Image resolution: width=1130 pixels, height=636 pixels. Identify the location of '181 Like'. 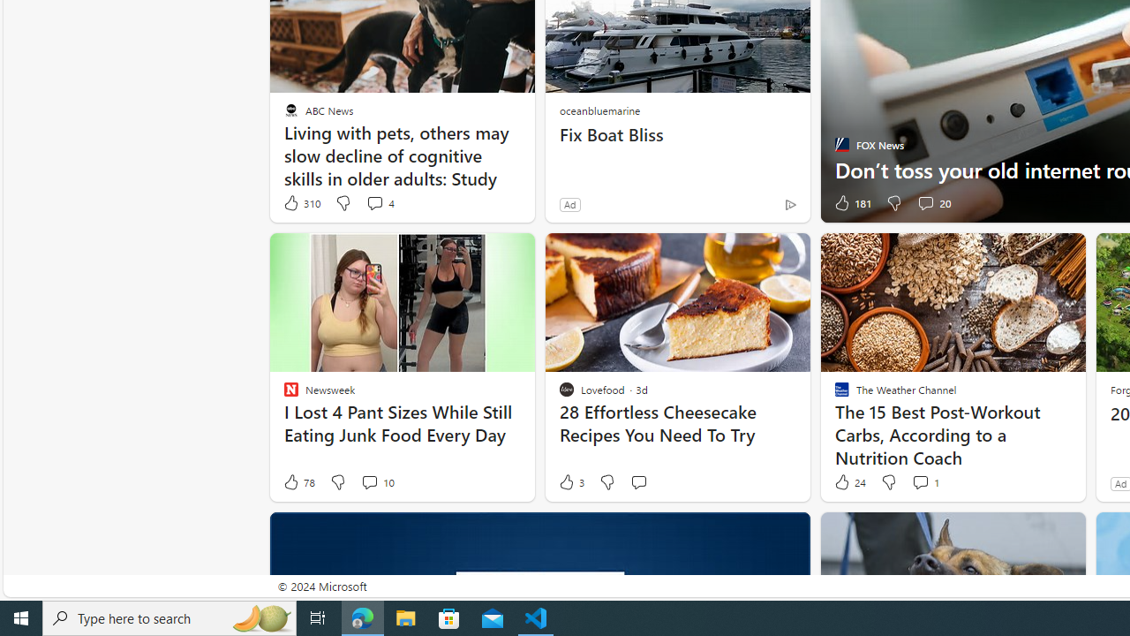
(851, 202).